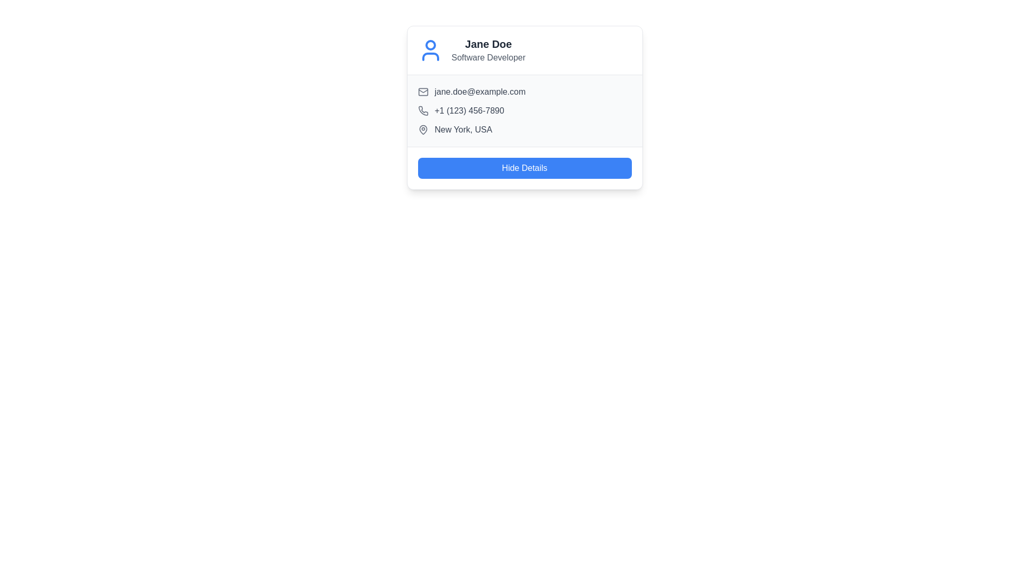  Describe the element at coordinates (479, 91) in the screenshot. I see `the text display that shows the email address 'jane.doe@example.com', located within the contact card layout, directly below the name and title text, and to the right of the email icon` at that location.